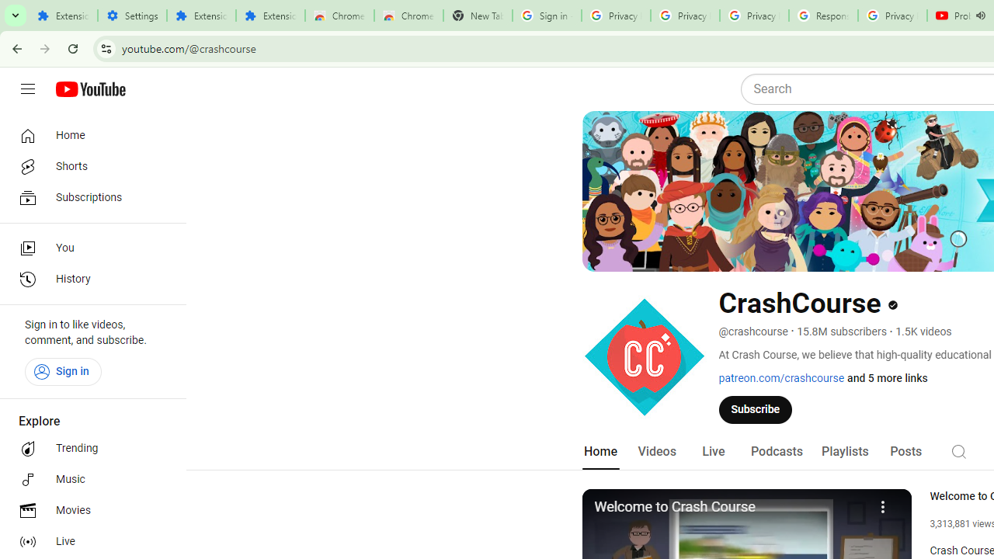  Describe the element at coordinates (87, 134) in the screenshot. I see `'Home'` at that location.